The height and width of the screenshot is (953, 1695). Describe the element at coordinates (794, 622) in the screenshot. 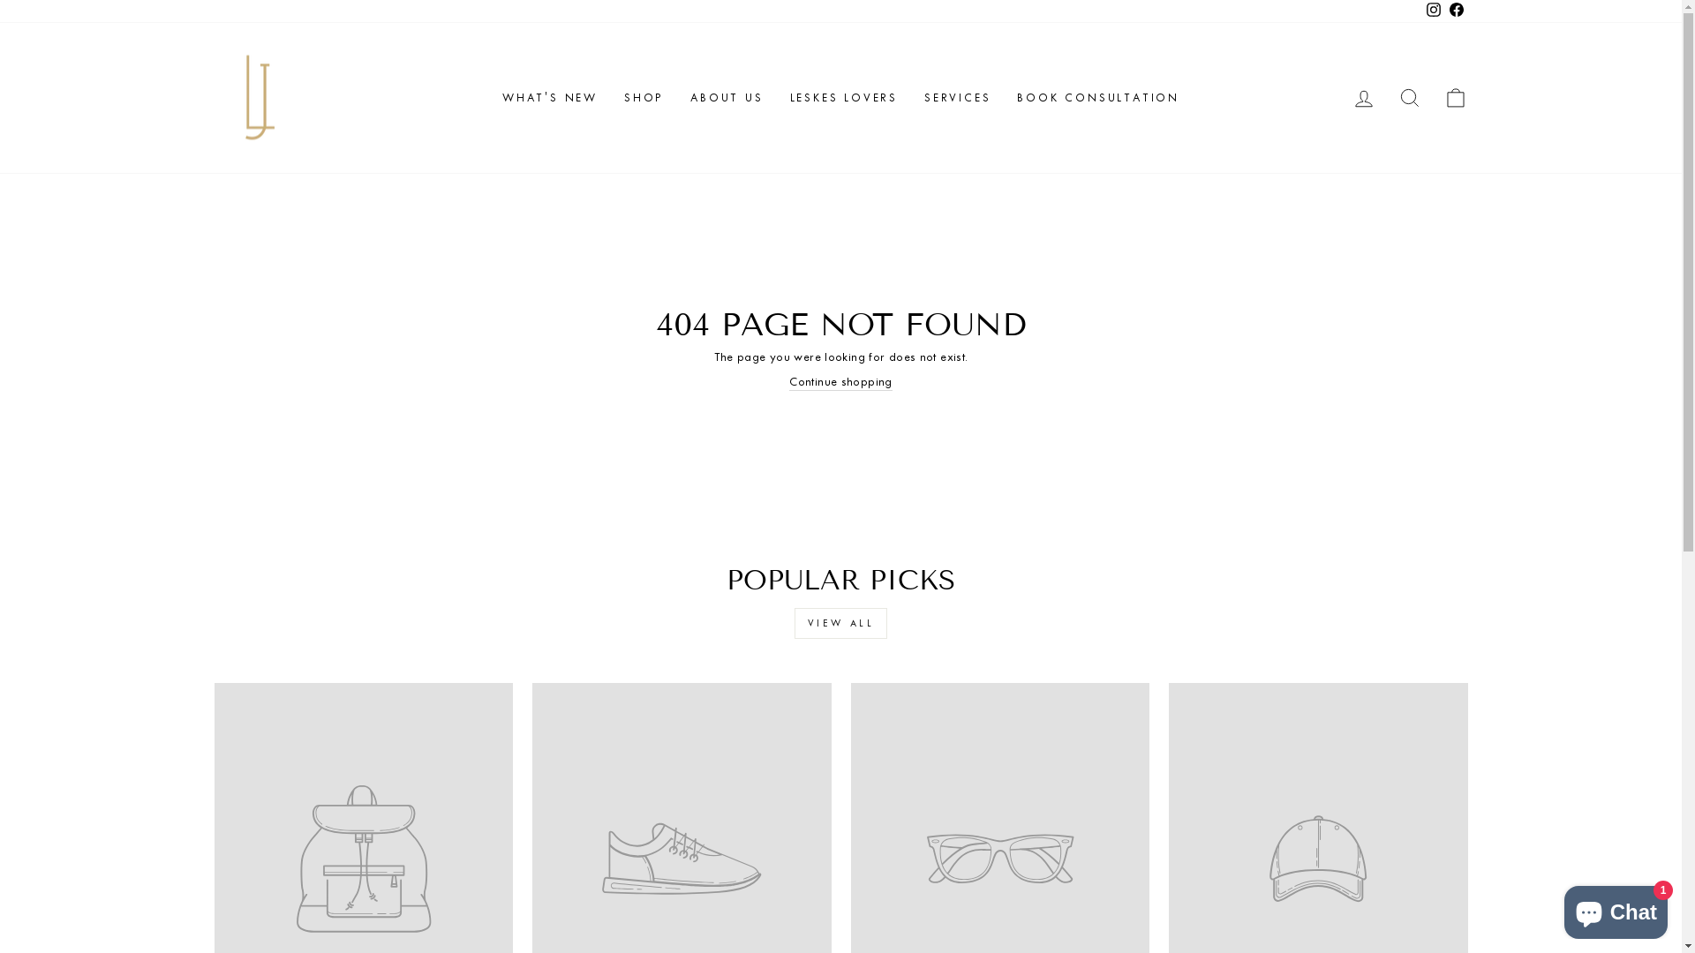

I see `'VIEW ALL'` at that location.